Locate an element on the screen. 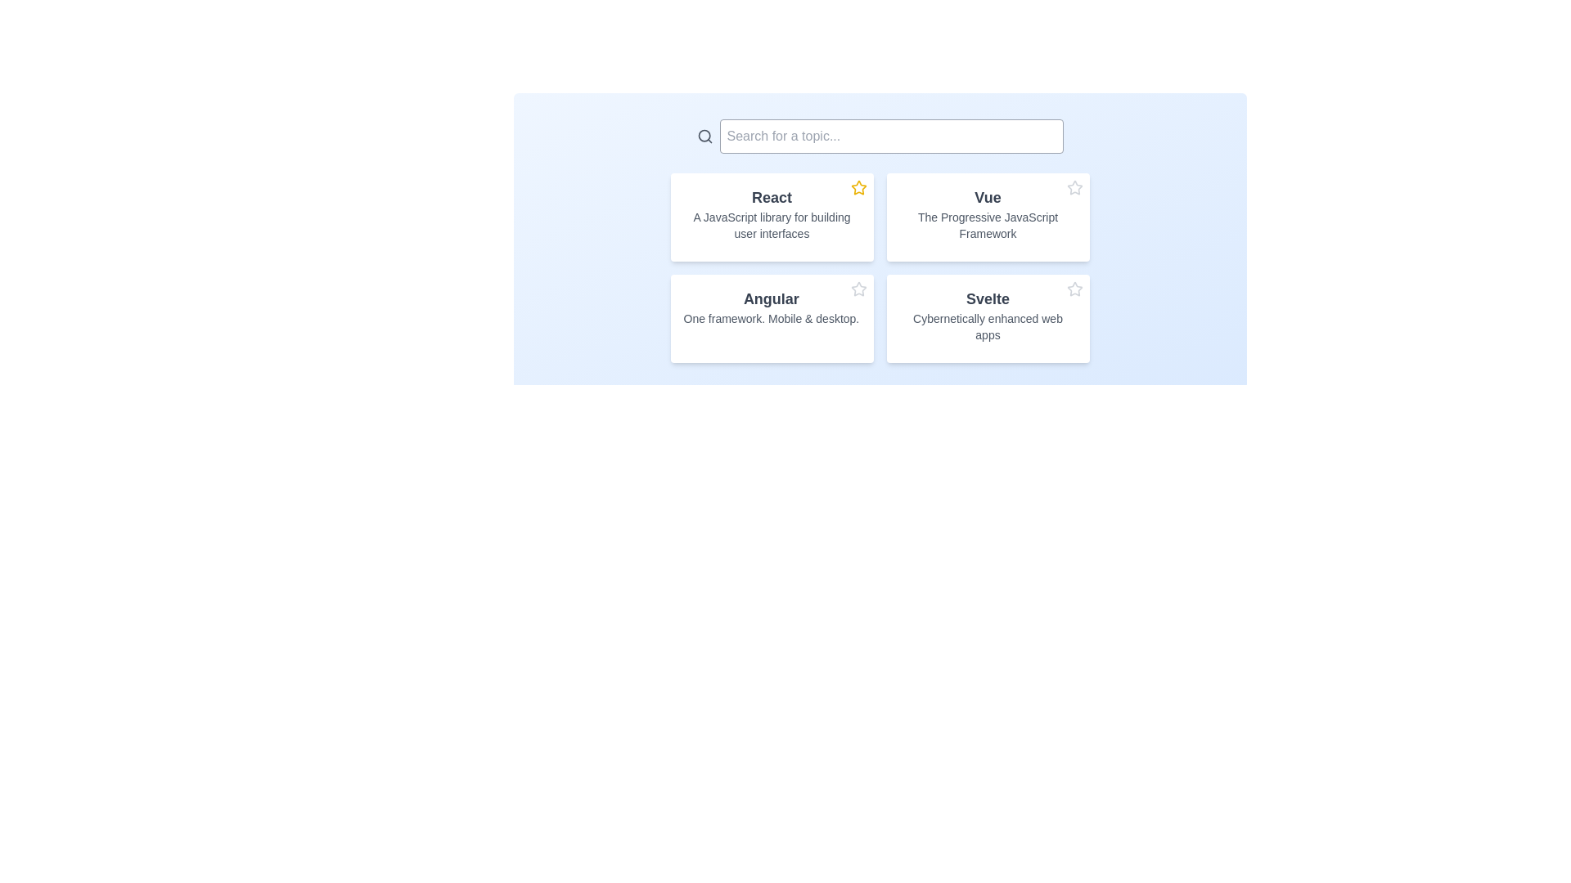 The width and height of the screenshot is (1571, 883). the prominent 'Vue' text label, which is styled in a bold and larger font, located in the upper portion of the second card in a 2x2 grid layout is located at coordinates (987, 197).